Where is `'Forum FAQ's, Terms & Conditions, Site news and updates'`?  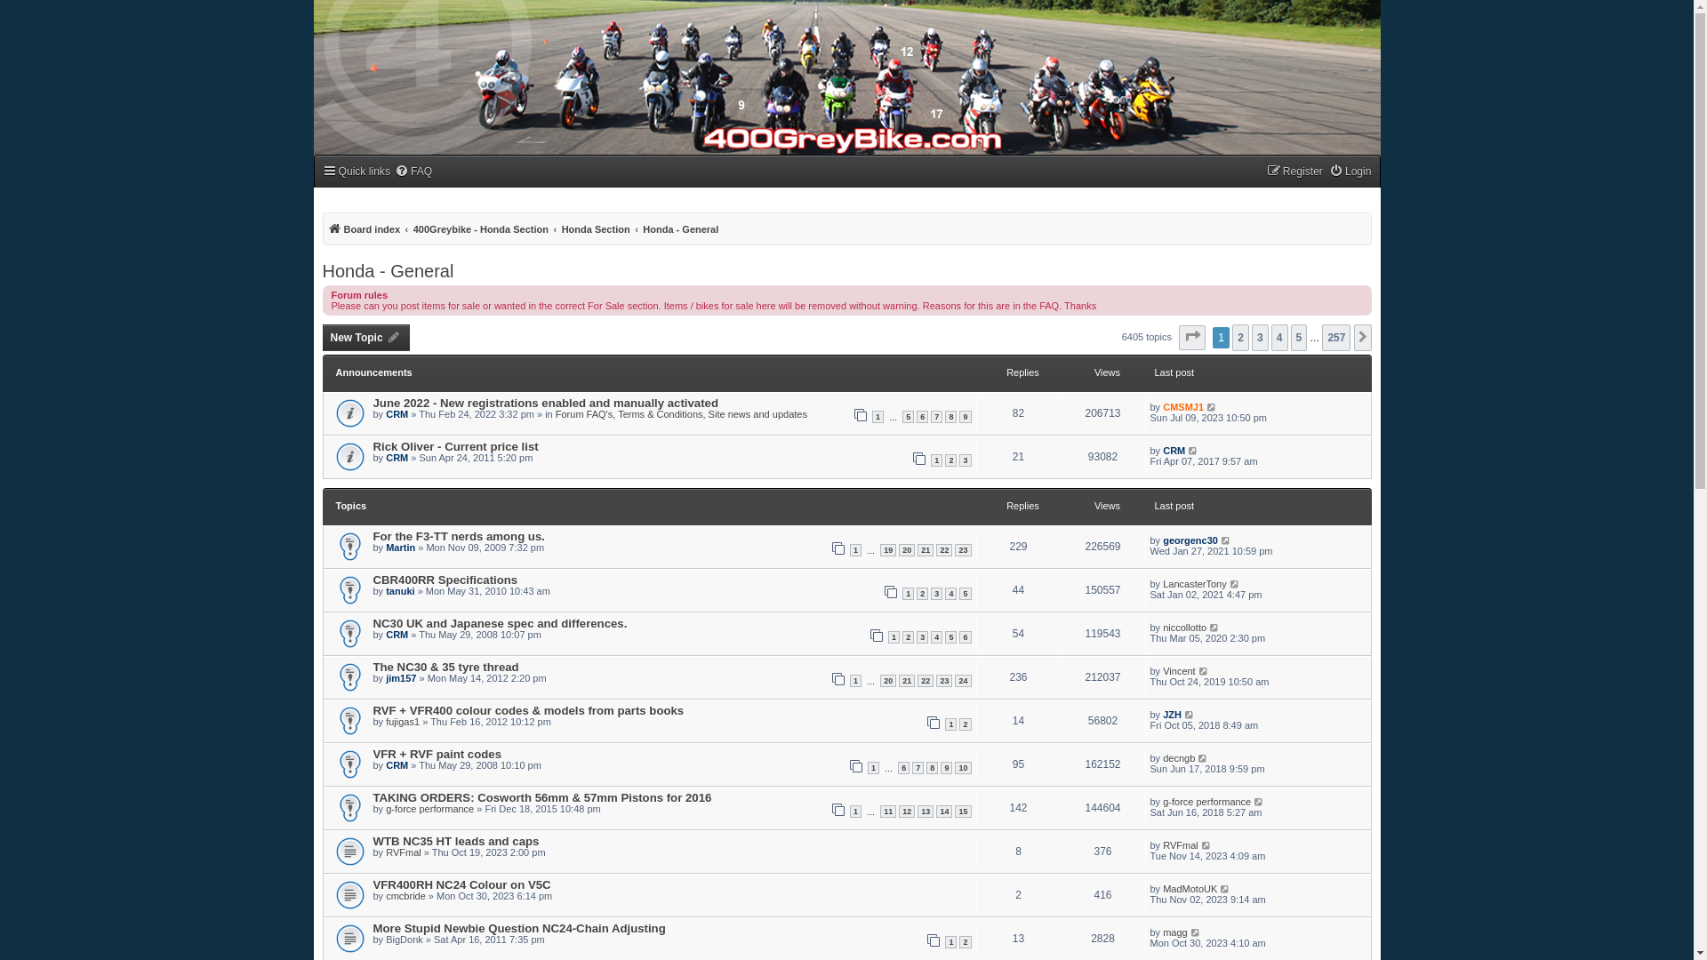
'Forum FAQ's, Terms & Conditions, Site news and updates' is located at coordinates (680, 414).